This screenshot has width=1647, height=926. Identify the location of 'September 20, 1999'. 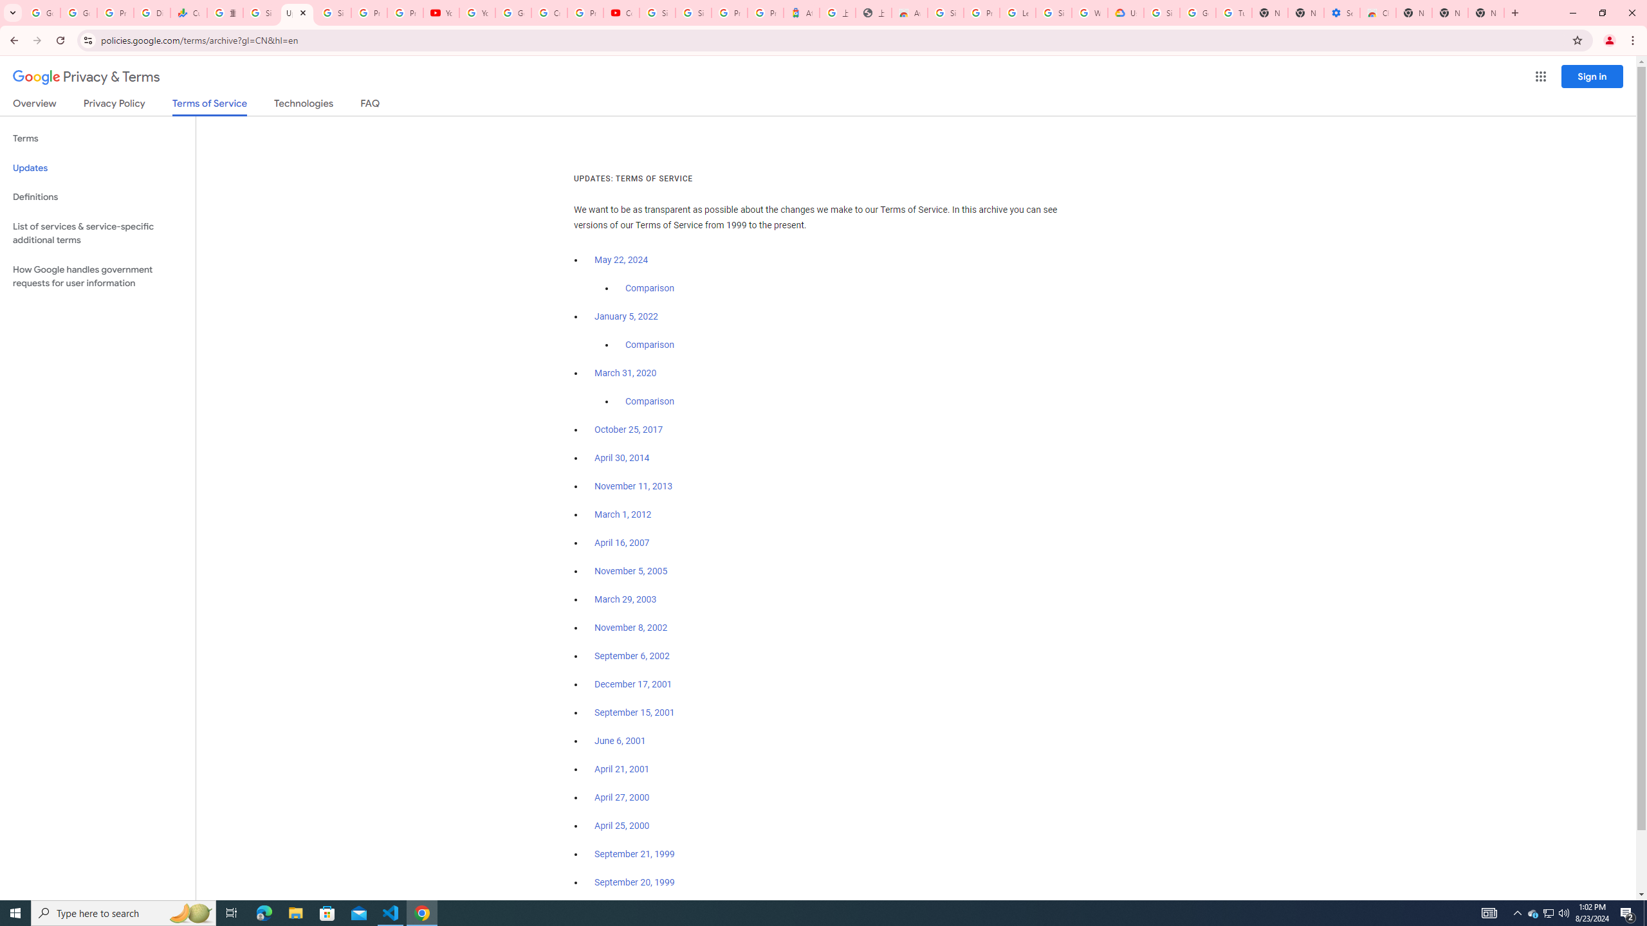
(634, 882).